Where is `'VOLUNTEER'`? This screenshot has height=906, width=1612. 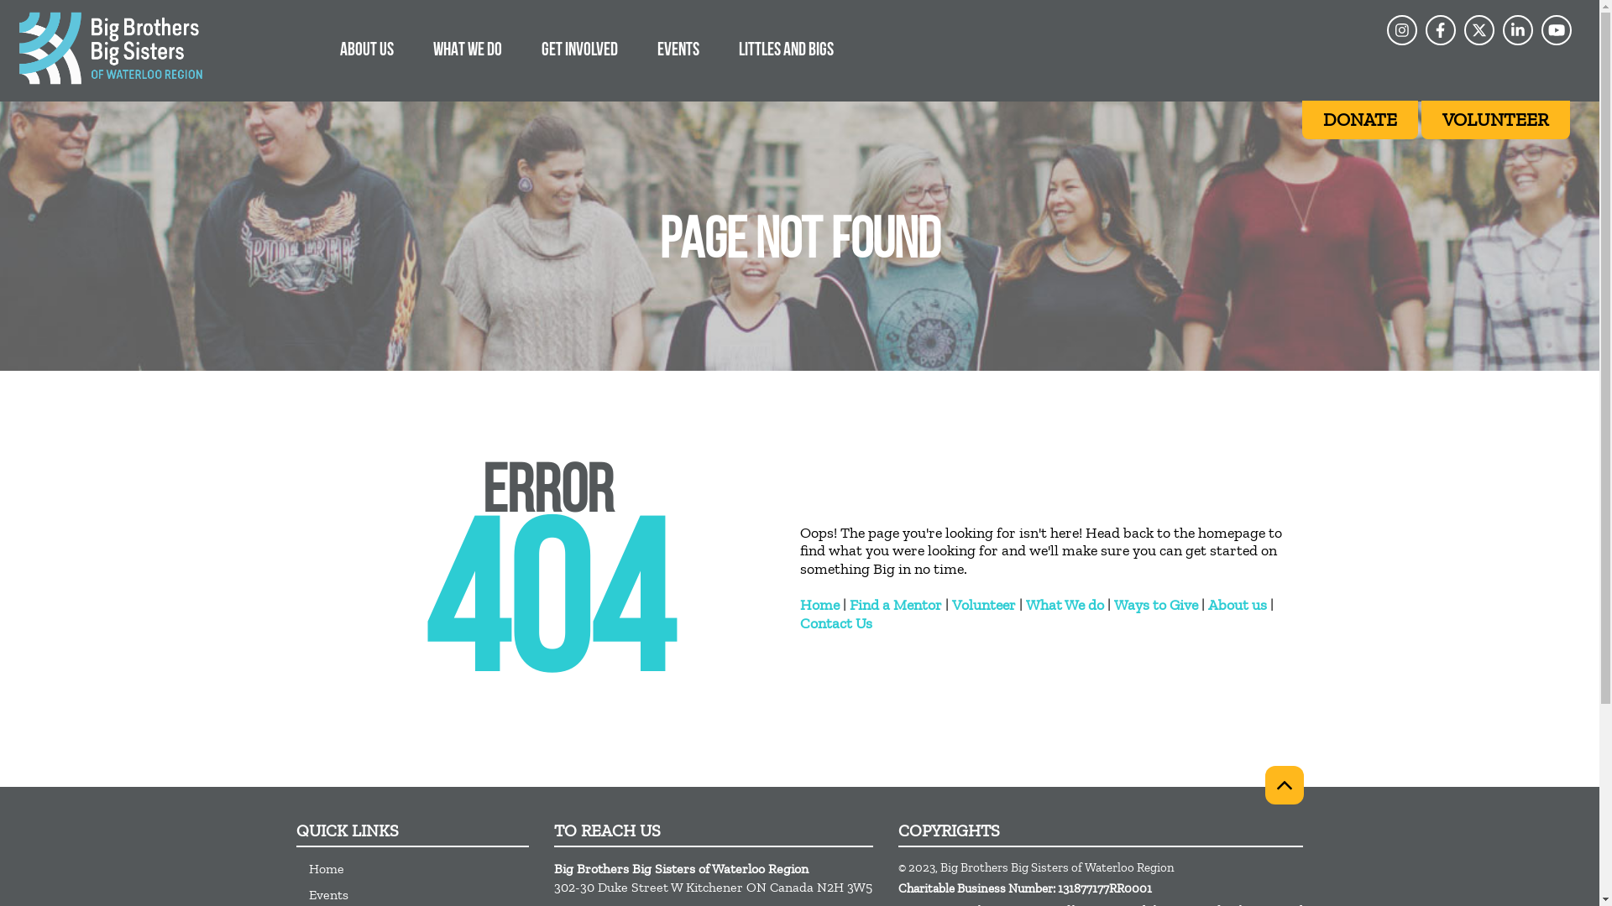 'VOLUNTEER' is located at coordinates (1495, 118).